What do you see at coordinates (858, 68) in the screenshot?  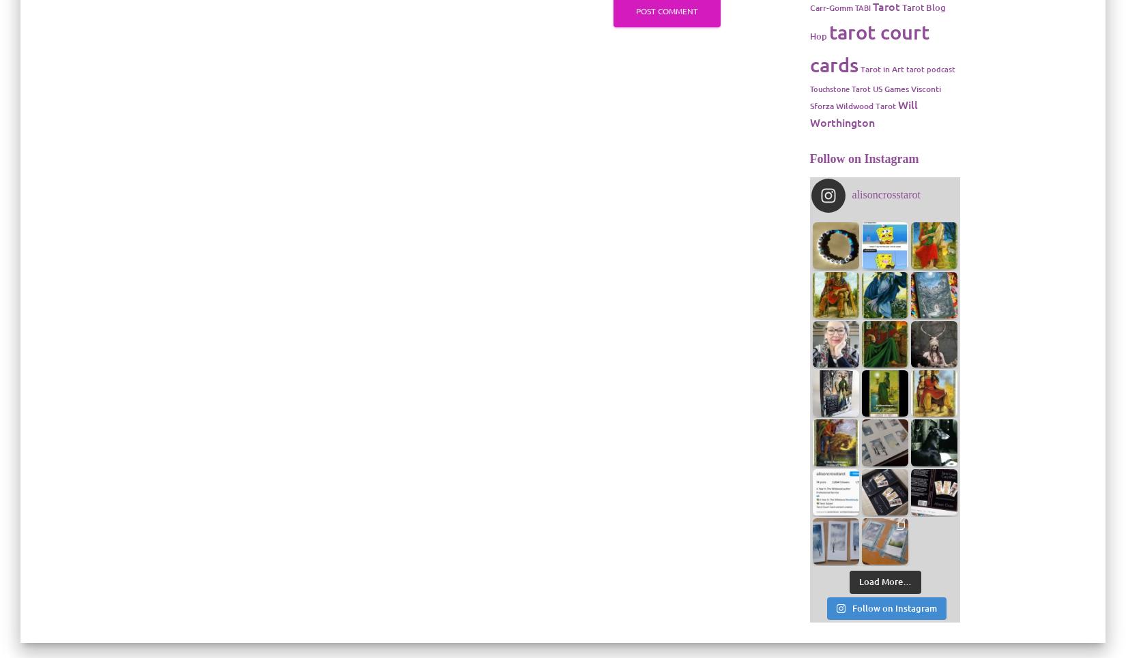 I see `'Tarot in Art'` at bounding box center [858, 68].